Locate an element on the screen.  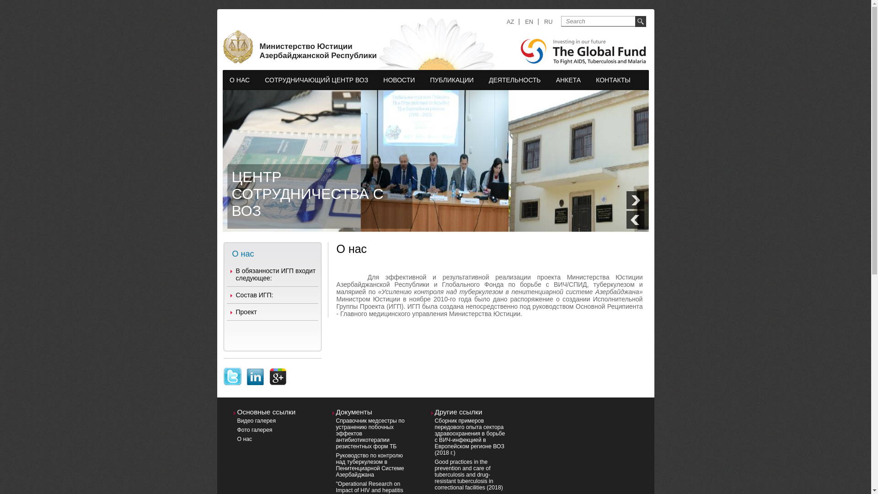
'EN' is located at coordinates (529, 21).